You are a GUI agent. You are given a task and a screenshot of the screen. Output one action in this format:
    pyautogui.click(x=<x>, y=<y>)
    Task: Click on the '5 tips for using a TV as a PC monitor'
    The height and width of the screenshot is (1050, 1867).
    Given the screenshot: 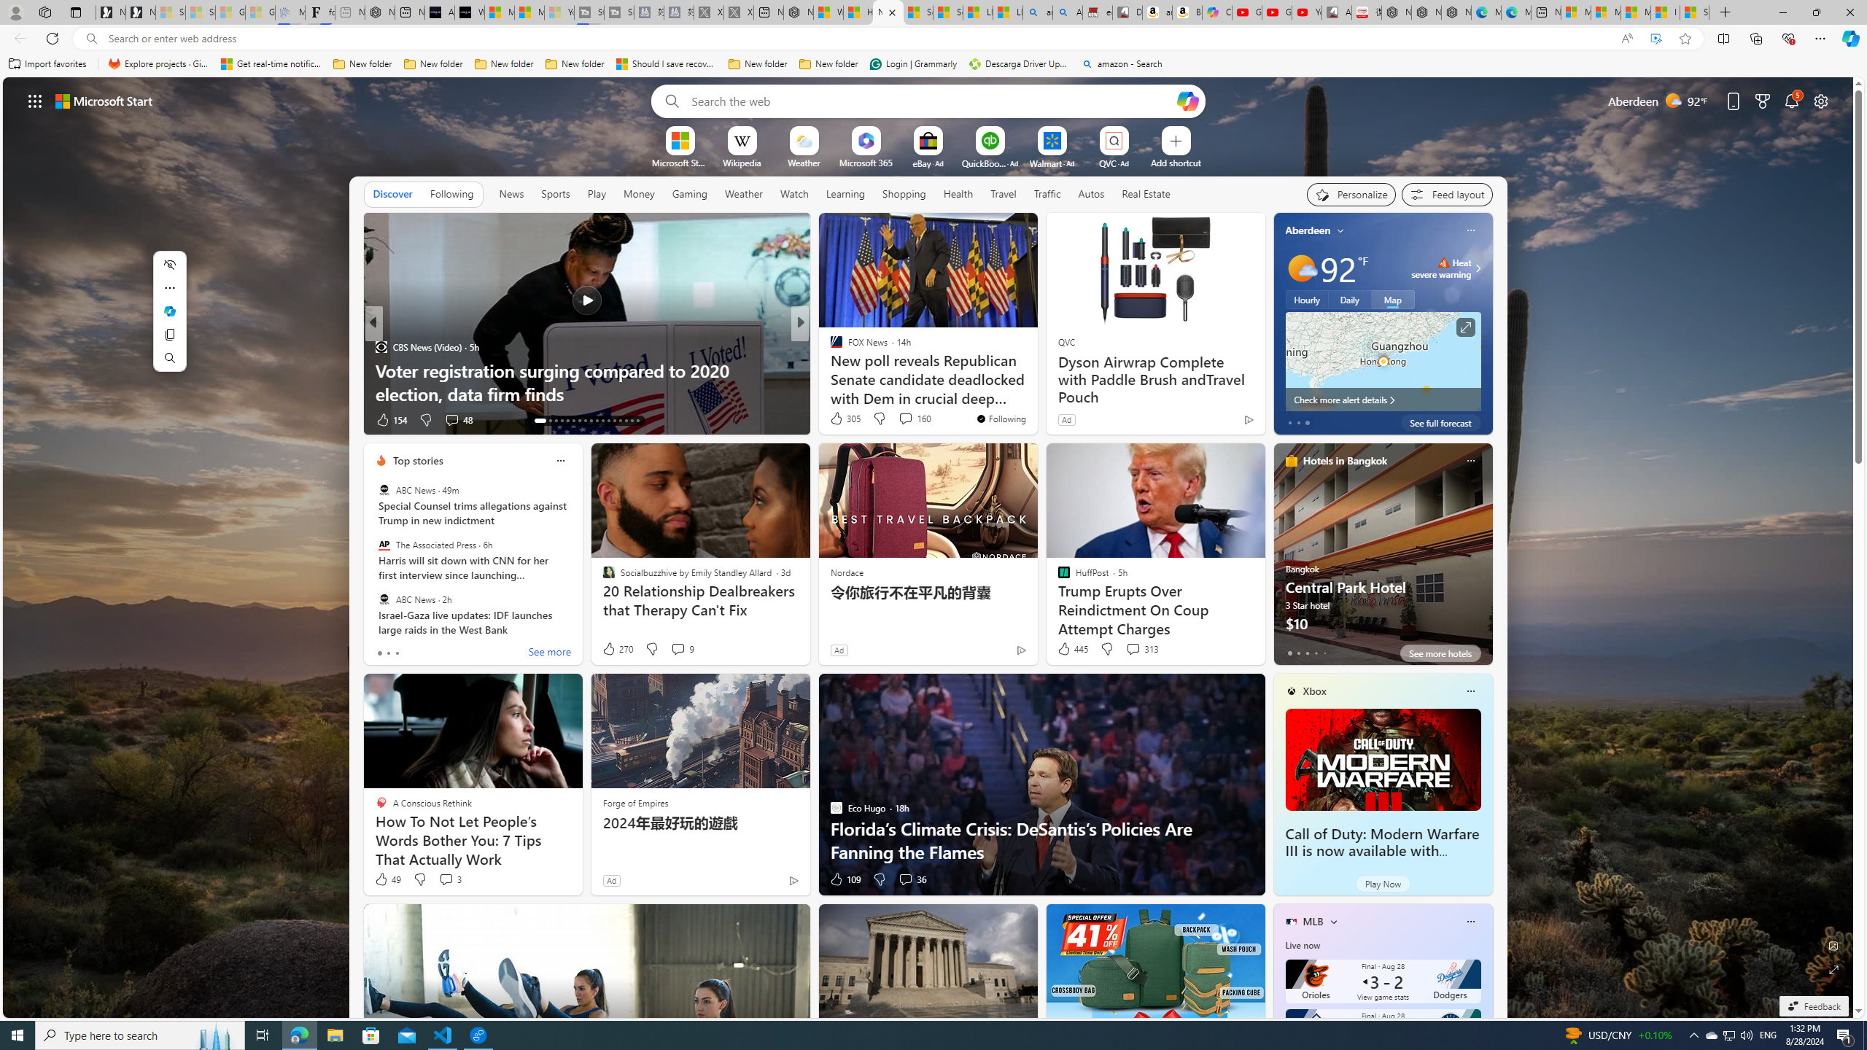 What is the action you would take?
    pyautogui.click(x=1034, y=394)
    